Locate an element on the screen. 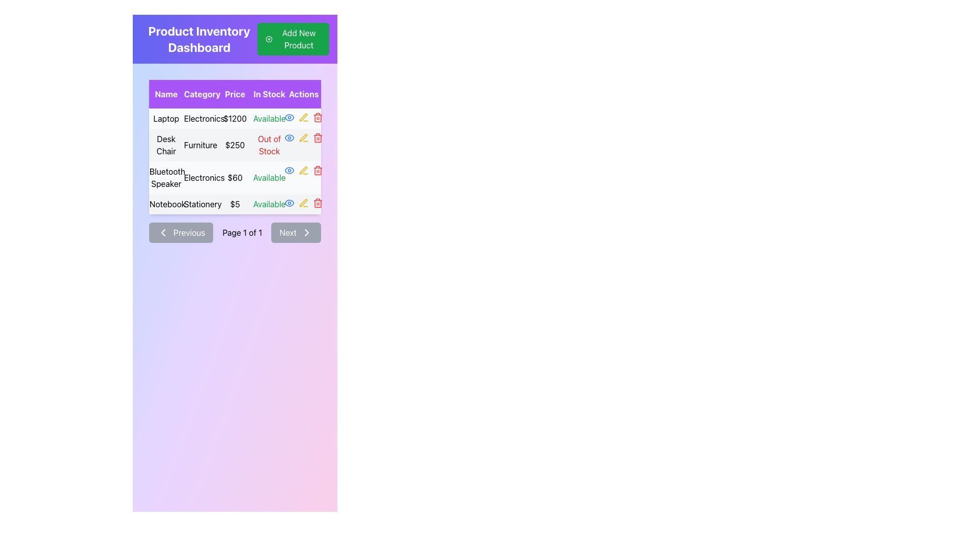  the 'Actions' header label, which is the last column in the top row of the table, styled with a purple background and white text is located at coordinates (303, 94).